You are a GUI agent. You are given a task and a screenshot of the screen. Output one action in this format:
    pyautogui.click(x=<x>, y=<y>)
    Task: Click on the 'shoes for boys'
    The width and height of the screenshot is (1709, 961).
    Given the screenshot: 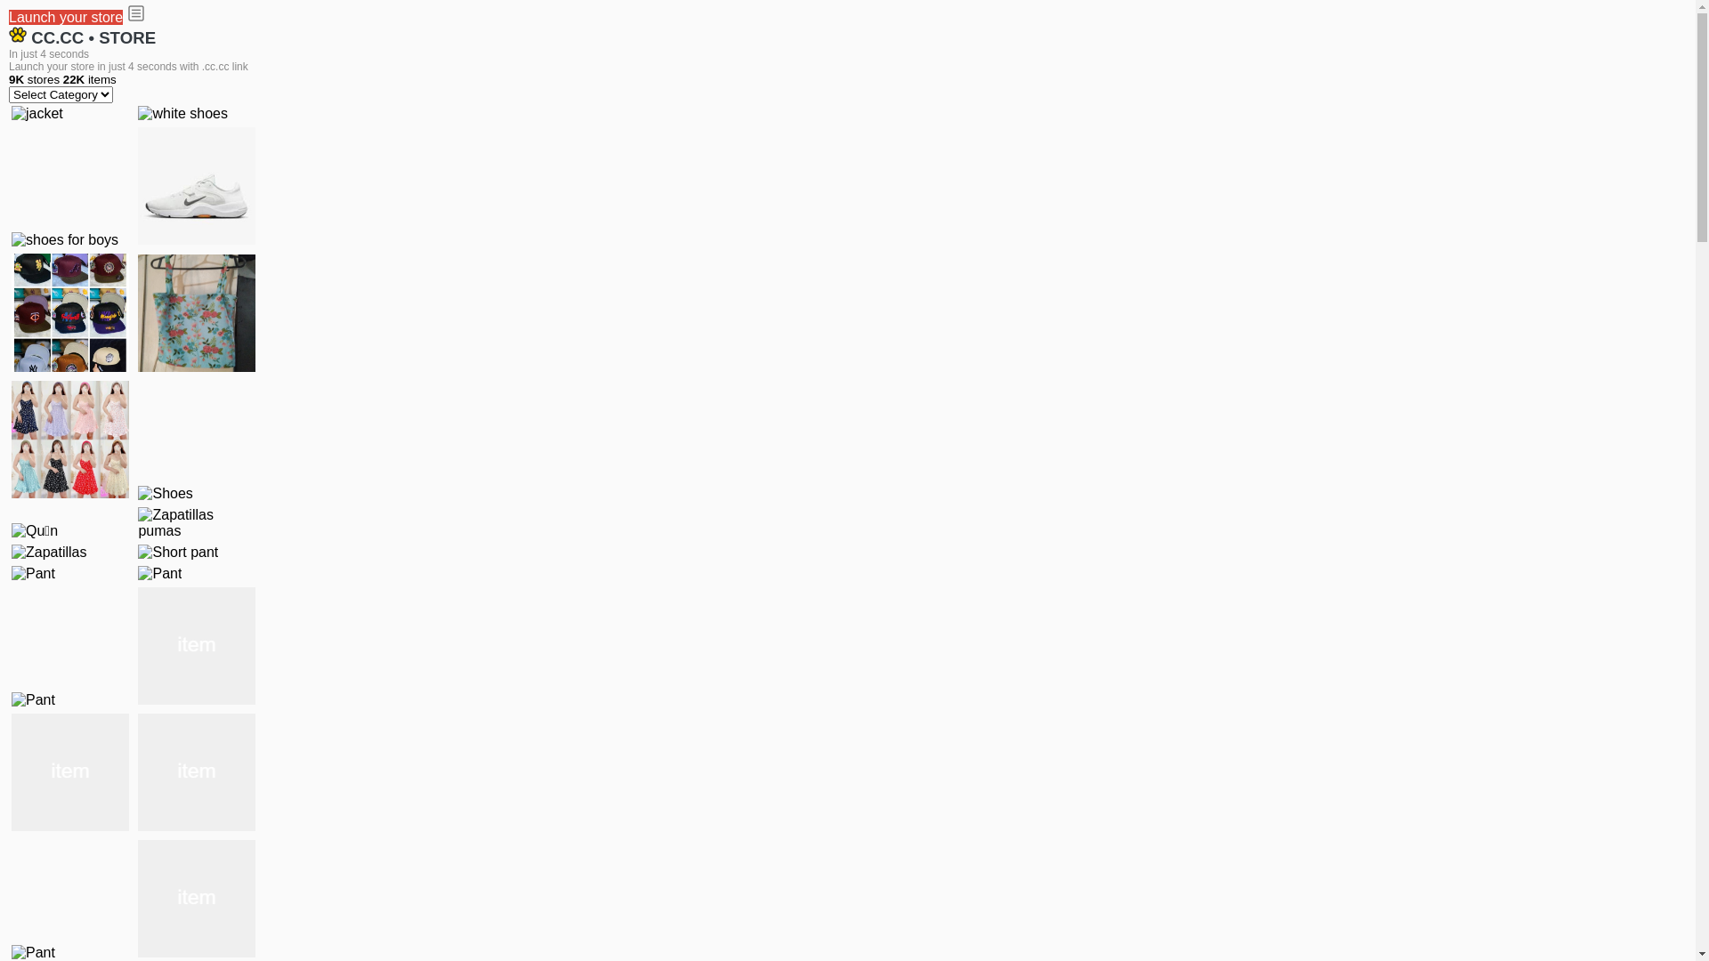 What is the action you would take?
    pyautogui.click(x=64, y=240)
    